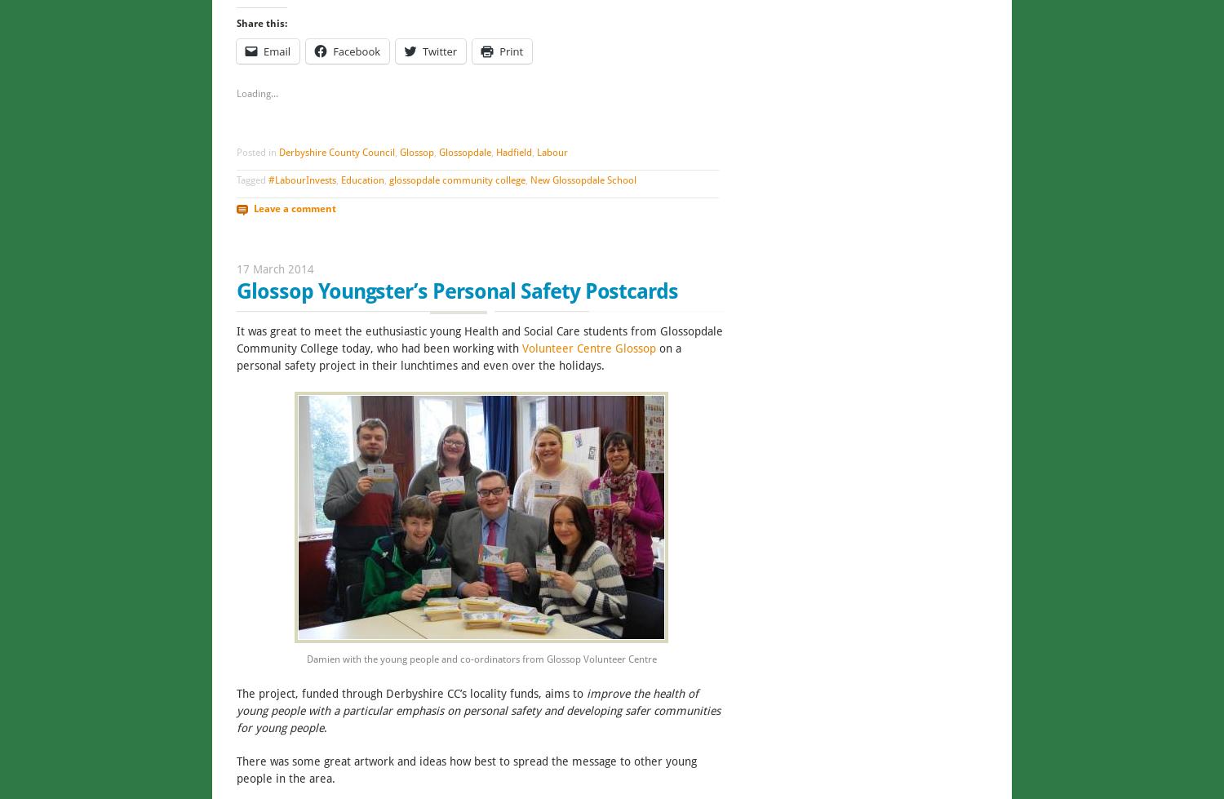 The image size is (1224, 799). What do you see at coordinates (276, 51) in the screenshot?
I see `'Email'` at bounding box center [276, 51].